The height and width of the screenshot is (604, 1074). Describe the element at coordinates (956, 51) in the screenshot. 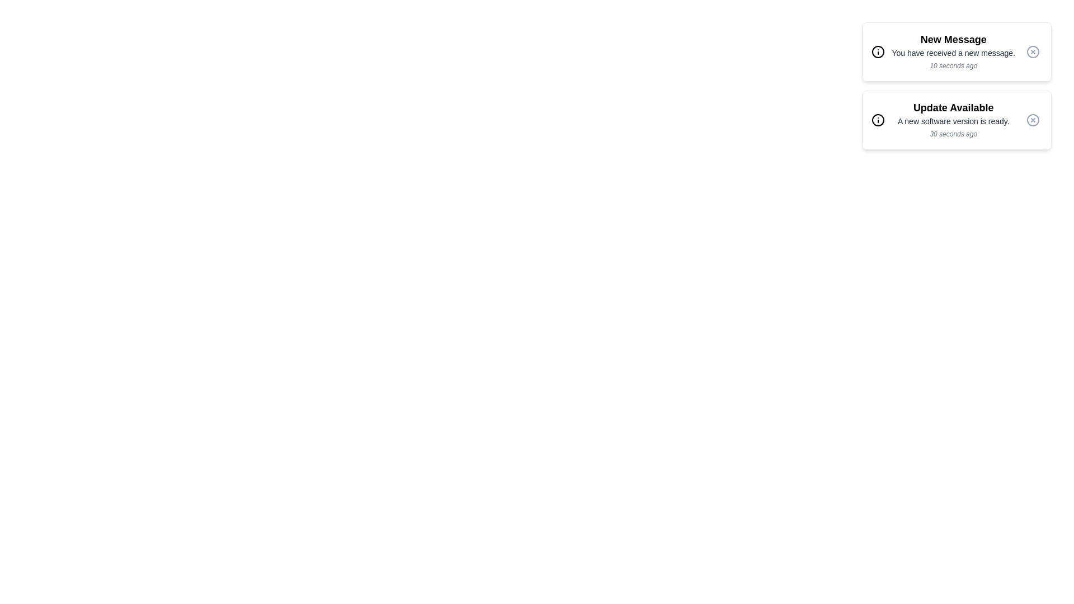

I see `the notification with the title New Message` at that location.